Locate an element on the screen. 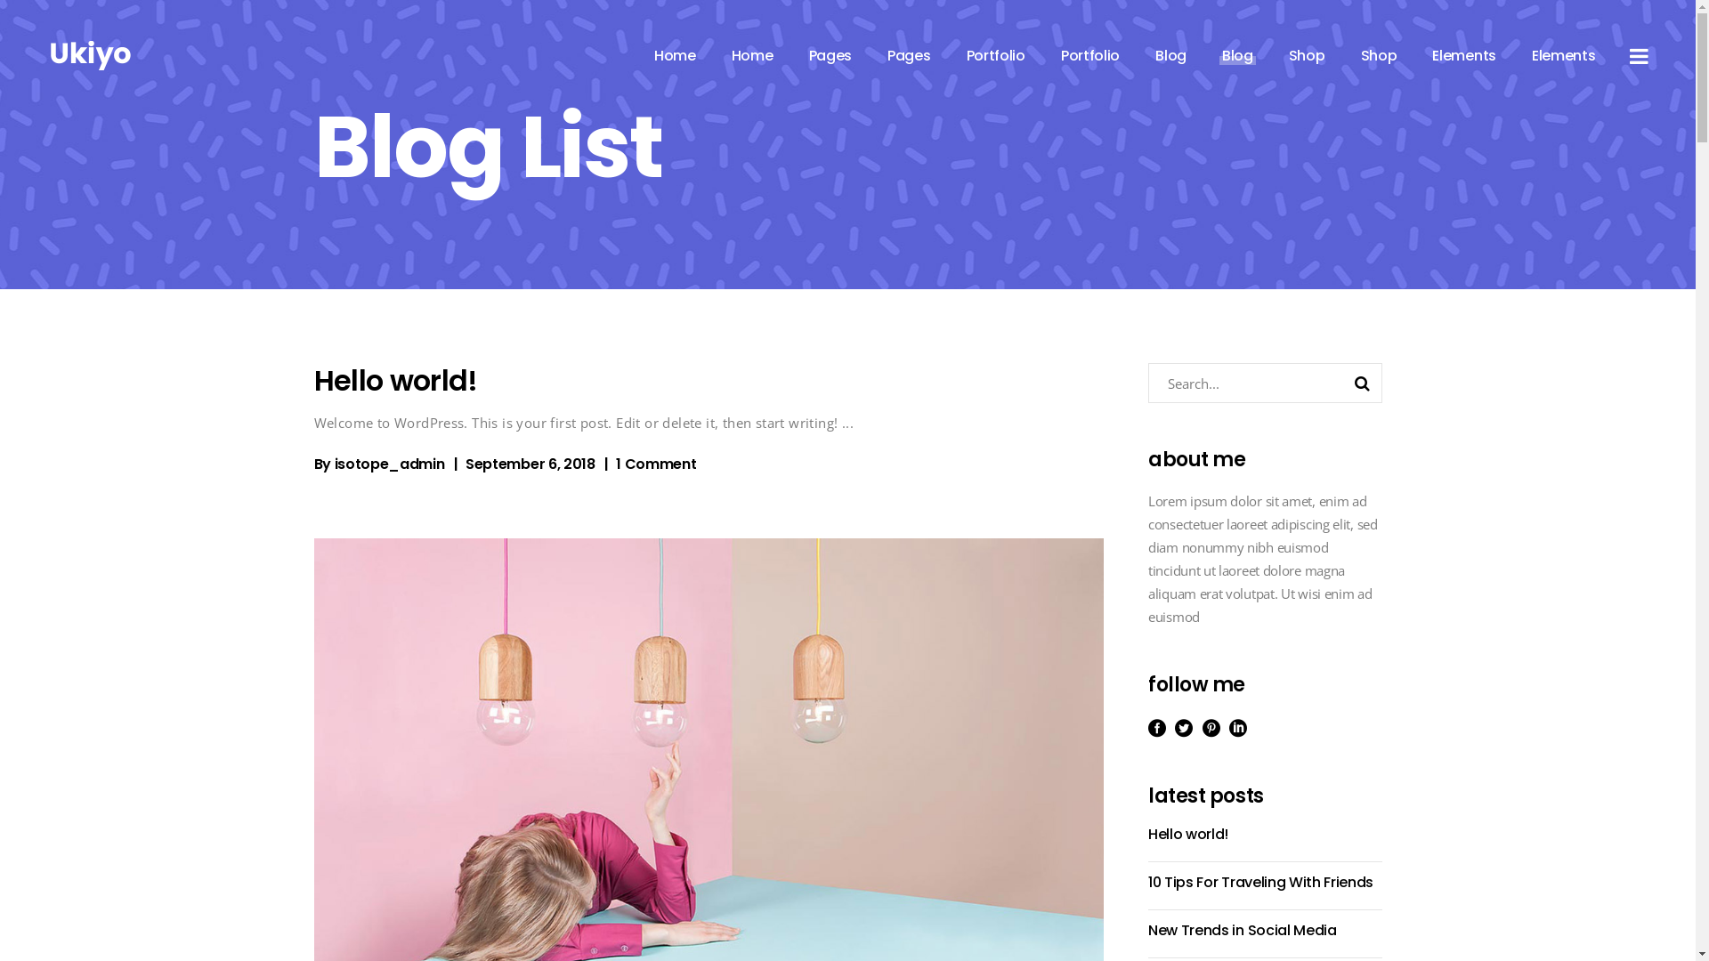 This screenshot has width=1709, height=961. 'Blog' is located at coordinates (1236, 54).